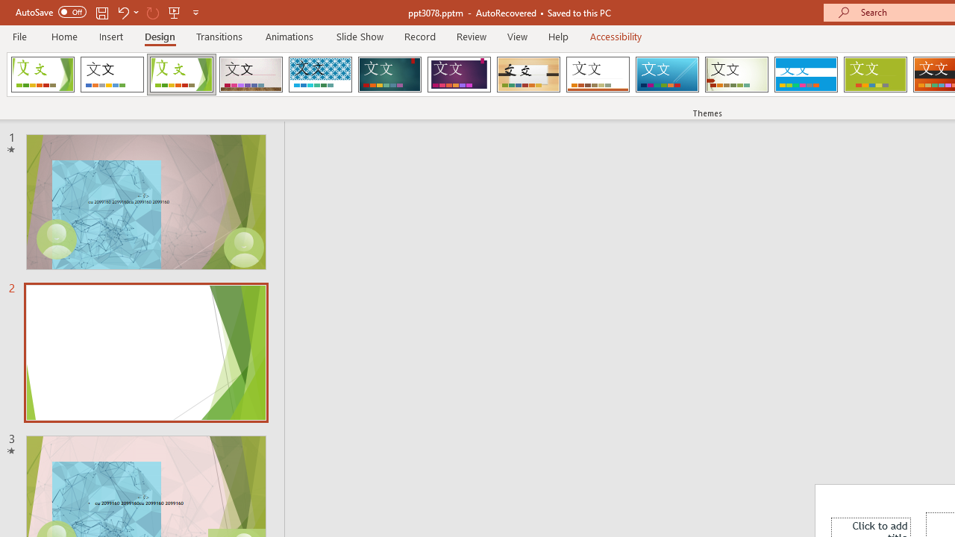  What do you see at coordinates (111, 75) in the screenshot?
I see `'Office Theme'` at bounding box center [111, 75].